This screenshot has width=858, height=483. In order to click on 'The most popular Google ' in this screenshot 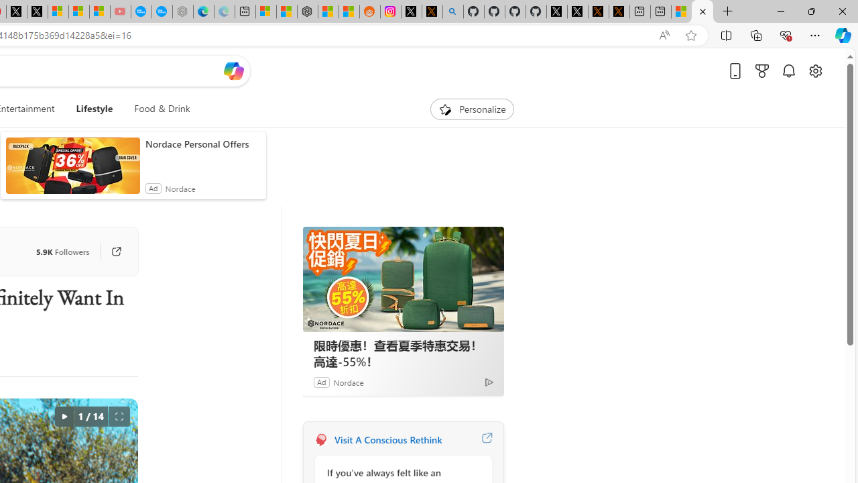, I will do `click(161, 11)`.